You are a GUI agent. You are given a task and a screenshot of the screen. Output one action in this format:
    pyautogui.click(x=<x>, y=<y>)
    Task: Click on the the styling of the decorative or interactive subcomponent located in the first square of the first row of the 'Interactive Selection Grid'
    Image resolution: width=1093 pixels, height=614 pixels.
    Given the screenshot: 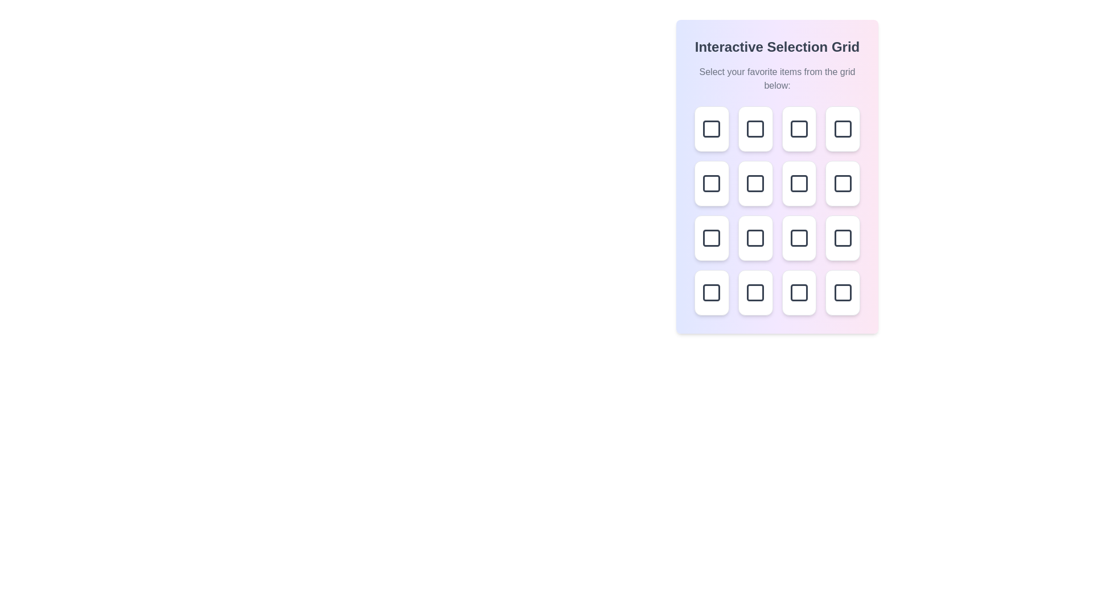 What is the action you would take?
    pyautogui.click(x=710, y=128)
    